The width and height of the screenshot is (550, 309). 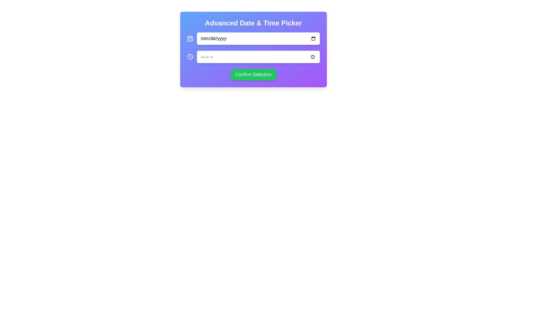 I want to click on the decorative SVG rectangle element that is part of the calendar icon, located to the left of the 'mm/dd/yyyy' text field, so click(x=190, y=39).